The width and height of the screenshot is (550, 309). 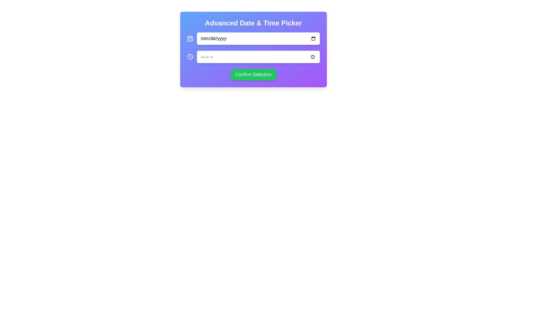 I want to click on the decorative SVG rectangle element that is part of the calendar icon, located to the left of the 'mm/dd/yyyy' text field, so click(x=190, y=39).